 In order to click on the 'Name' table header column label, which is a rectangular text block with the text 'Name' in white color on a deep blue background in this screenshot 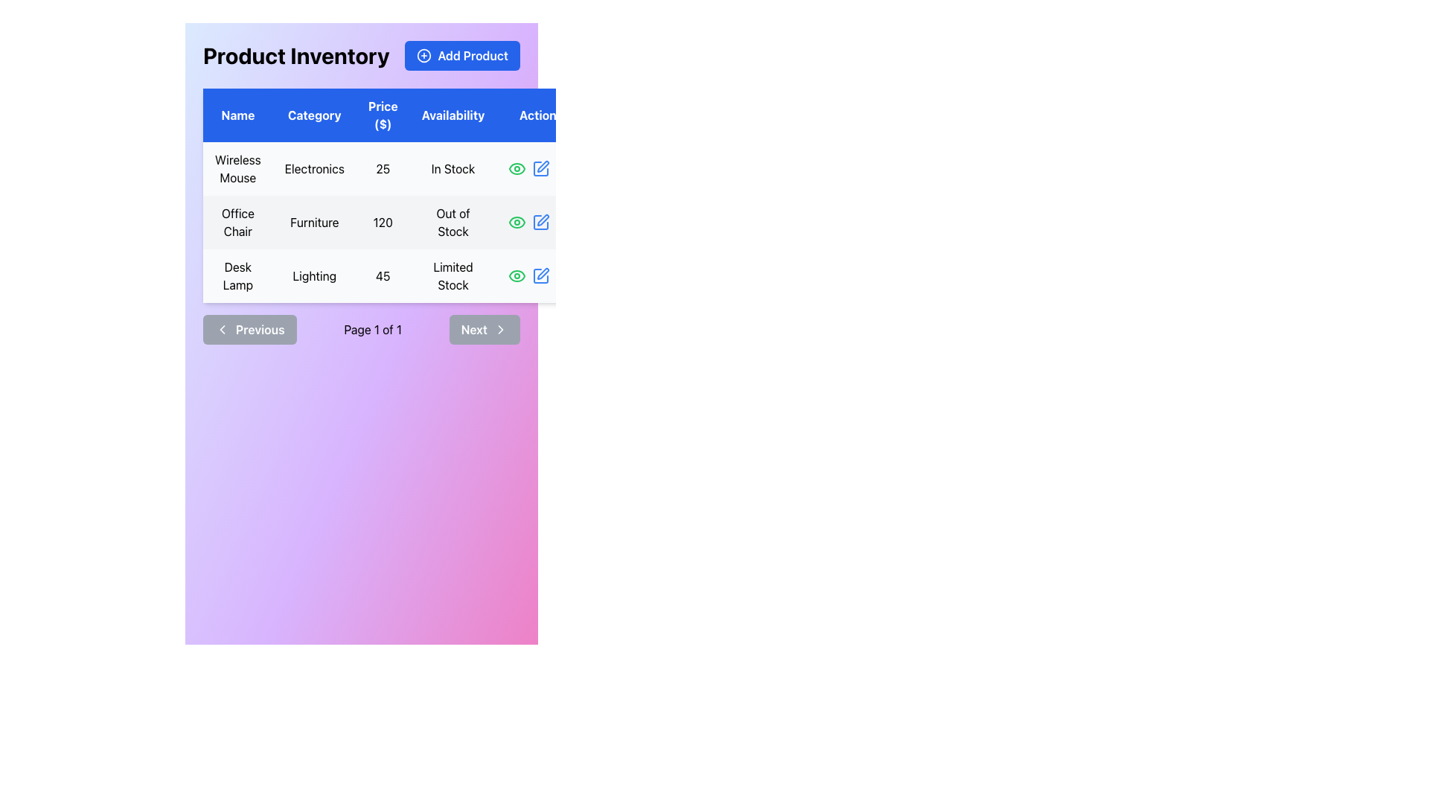, I will do `click(237, 114)`.